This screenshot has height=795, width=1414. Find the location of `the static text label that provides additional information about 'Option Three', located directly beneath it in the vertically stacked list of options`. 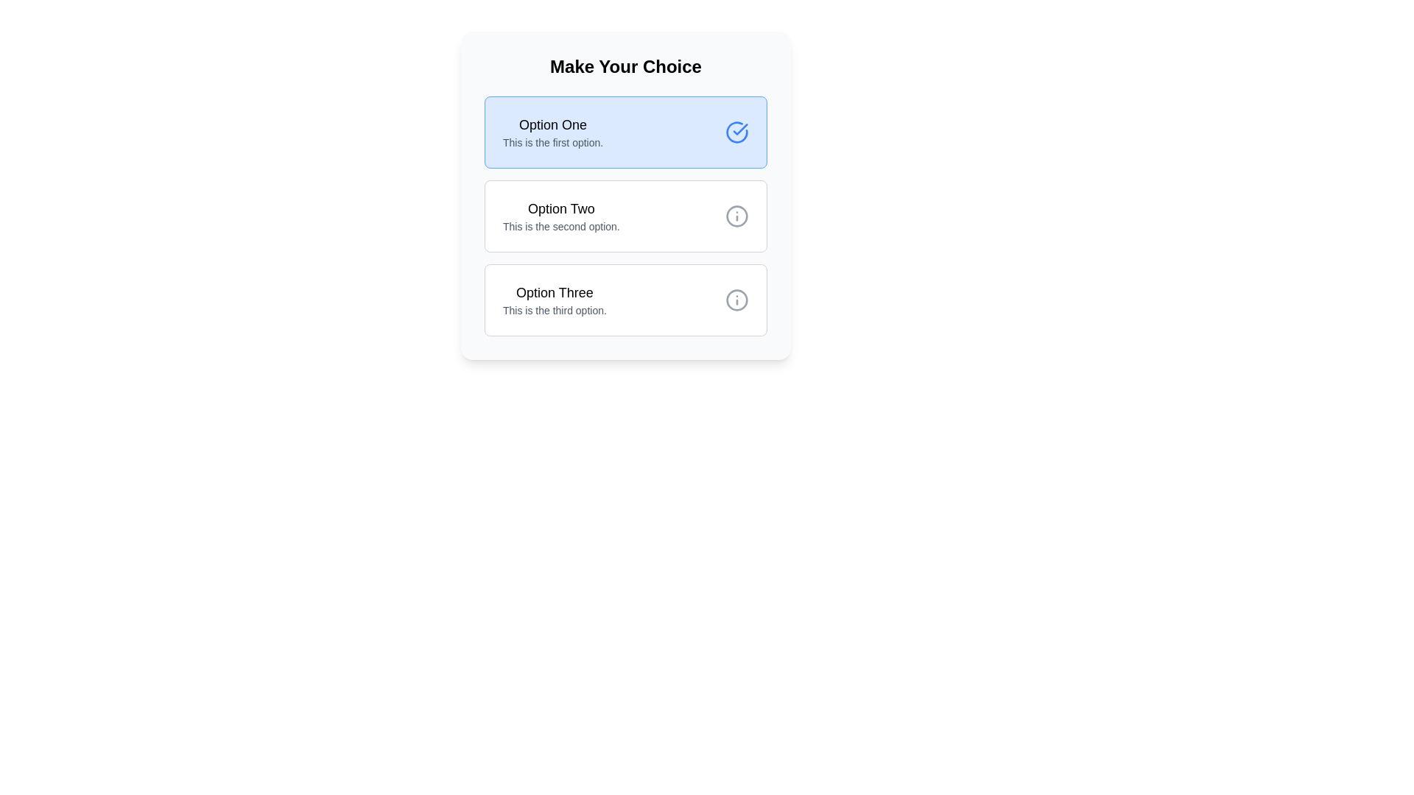

the static text label that provides additional information about 'Option Three', located directly beneath it in the vertically stacked list of options is located at coordinates (554, 309).